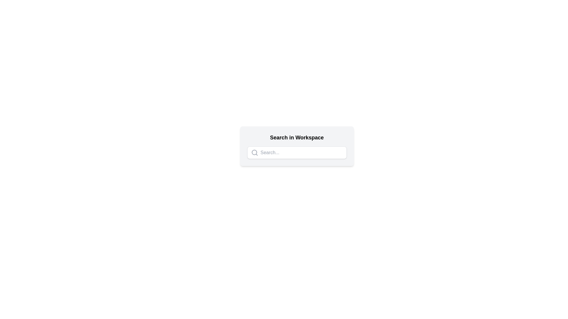 The height and width of the screenshot is (319, 568). What do you see at coordinates (254, 152) in the screenshot?
I see `the gray magnifying glass icon located at the leftmost position of the search bar` at bounding box center [254, 152].